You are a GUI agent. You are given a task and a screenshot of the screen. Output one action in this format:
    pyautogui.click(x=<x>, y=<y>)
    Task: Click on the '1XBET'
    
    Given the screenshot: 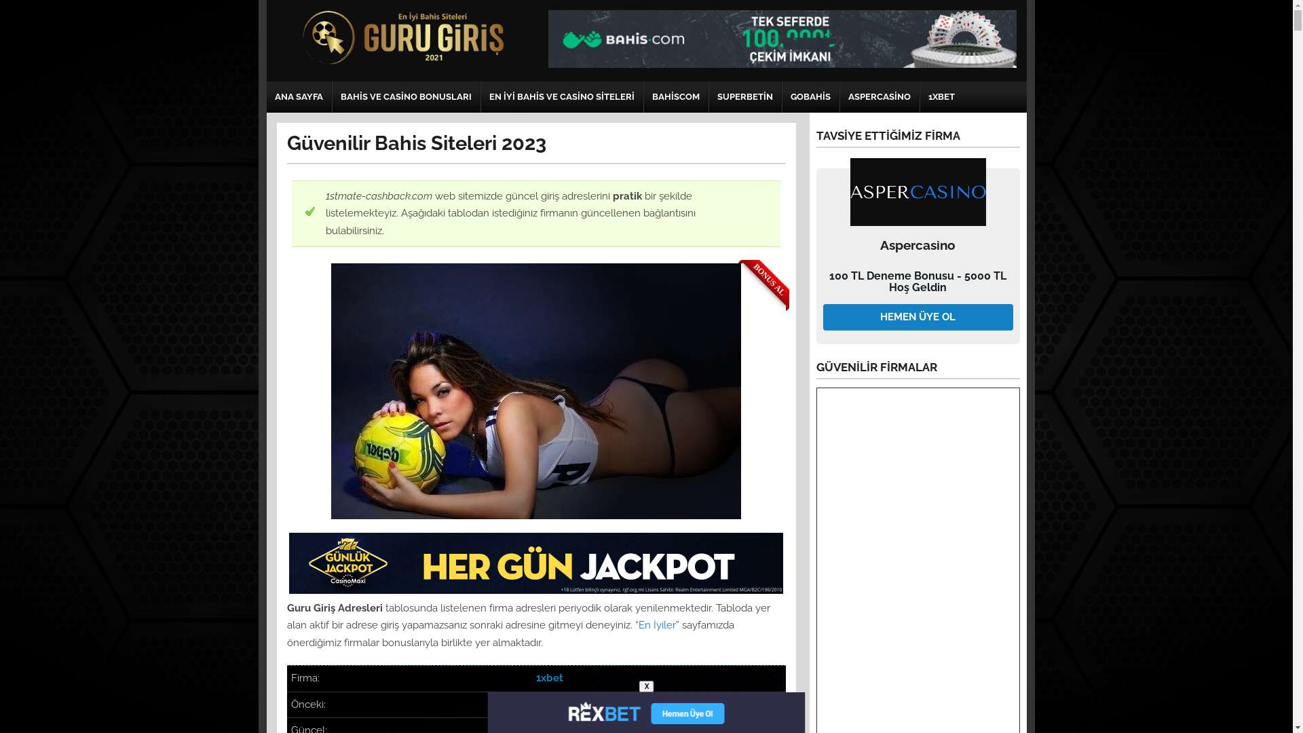 What is the action you would take?
    pyautogui.click(x=941, y=96)
    